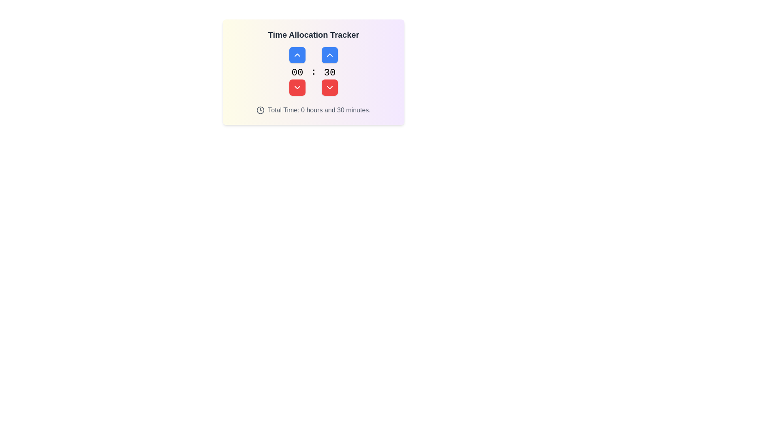  I want to click on the circular clock icon, so click(261, 110).